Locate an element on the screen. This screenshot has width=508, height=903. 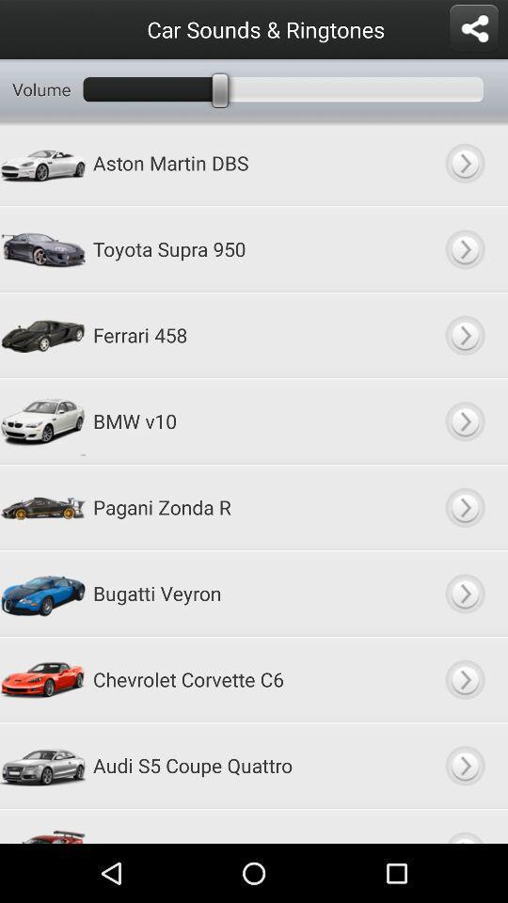
ferrari 458 car sounds is located at coordinates (464, 335).